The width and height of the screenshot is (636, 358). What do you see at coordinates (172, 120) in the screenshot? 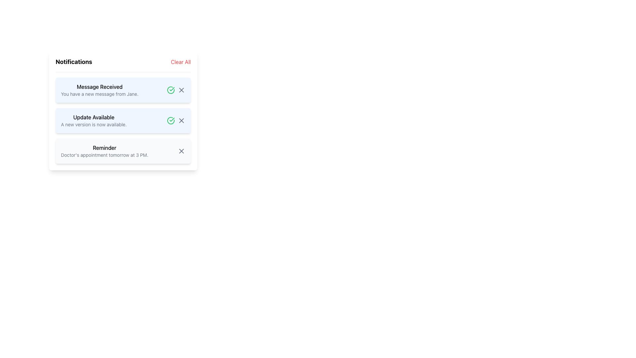
I see `the green checkmark icon within the 'Message Received' notification card, which signifies a completed or acknowledged status` at bounding box center [172, 120].